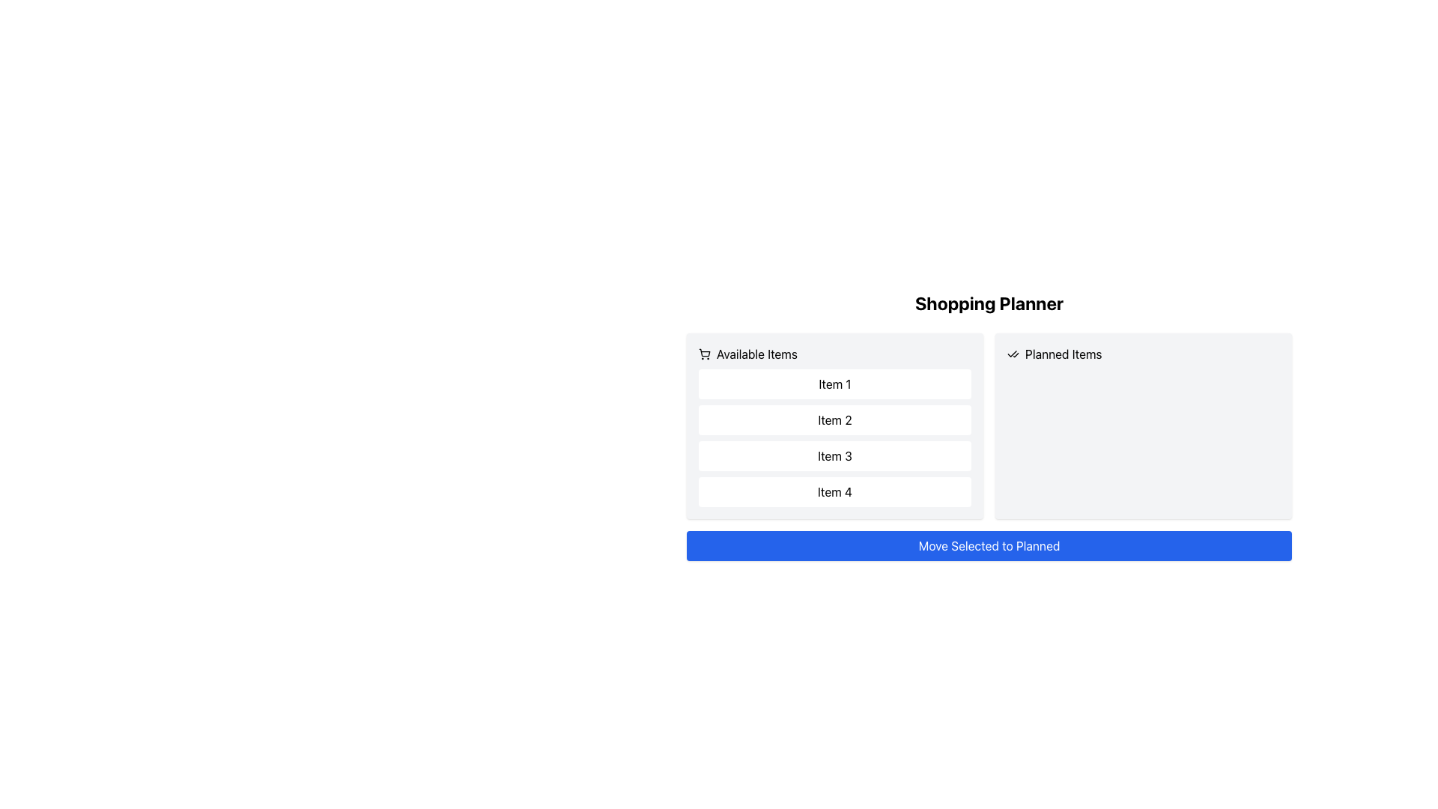 This screenshot has height=809, width=1438. What do you see at coordinates (989, 546) in the screenshot?
I see `the button labeled 'Move Selected to Planned' to observe its hover effect, which changes color on hover` at bounding box center [989, 546].